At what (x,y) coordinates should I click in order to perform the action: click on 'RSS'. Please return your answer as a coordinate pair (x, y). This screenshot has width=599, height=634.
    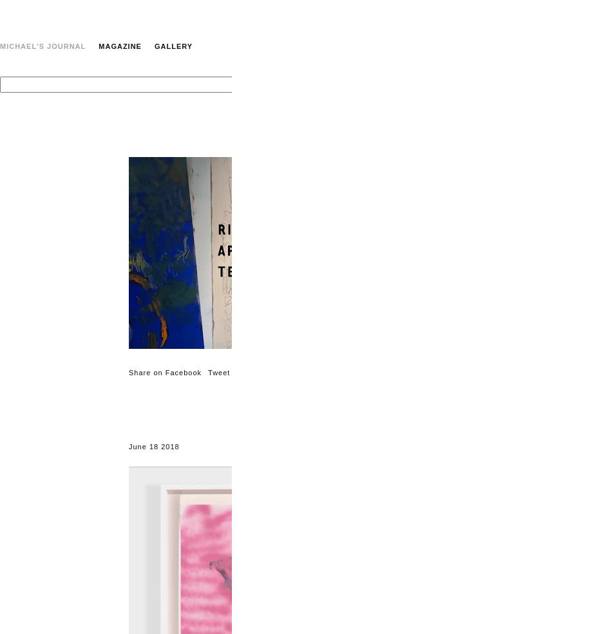
    Looking at the image, I should click on (590, 160).